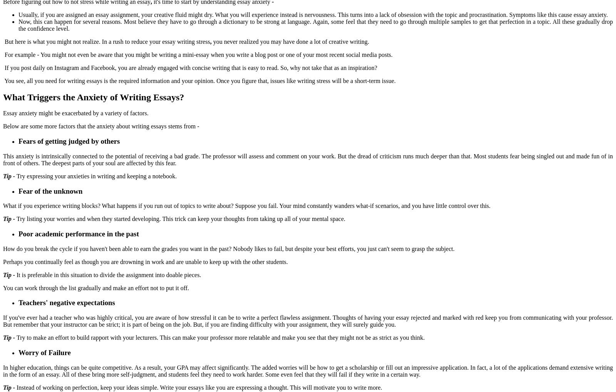 This screenshot has width=616, height=392. I want to click on 'Fears of getting judged by others', so click(70, 141).